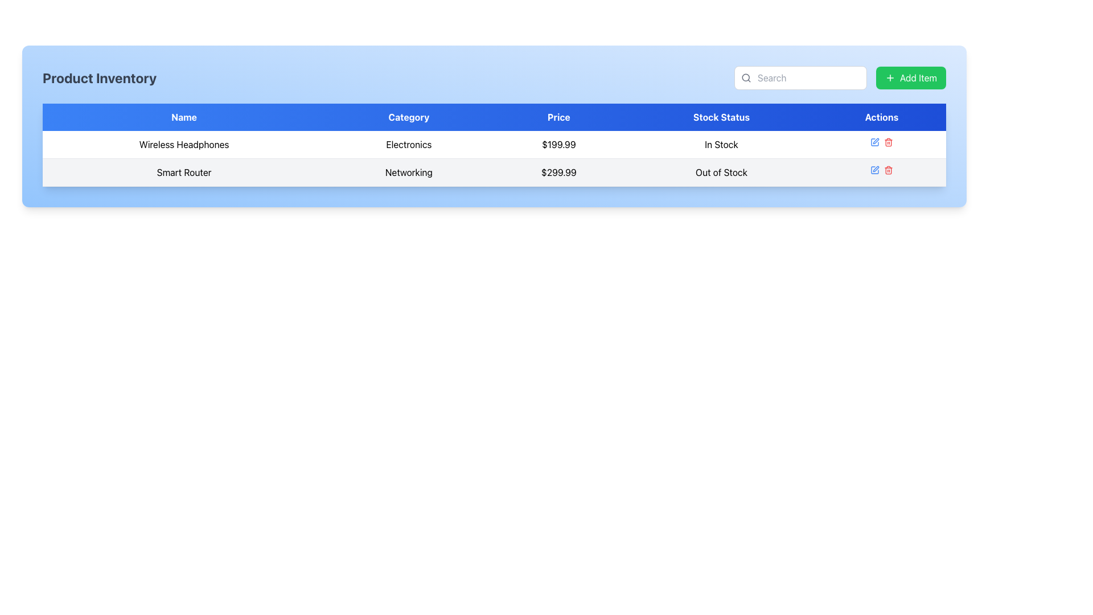 This screenshot has height=615, width=1093. Describe the element at coordinates (184, 173) in the screenshot. I see `the Text Label that represents the name of a product in the inventory list located in the second row under the 'Name' column, adjacent to 'Networking', '$299.99', and 'Out of Stock'` at that location.